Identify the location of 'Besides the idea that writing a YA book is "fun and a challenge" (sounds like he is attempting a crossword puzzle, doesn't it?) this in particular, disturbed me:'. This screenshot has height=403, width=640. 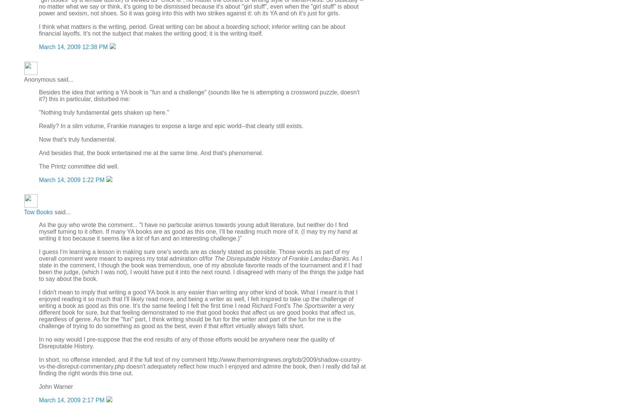
(199, 95).